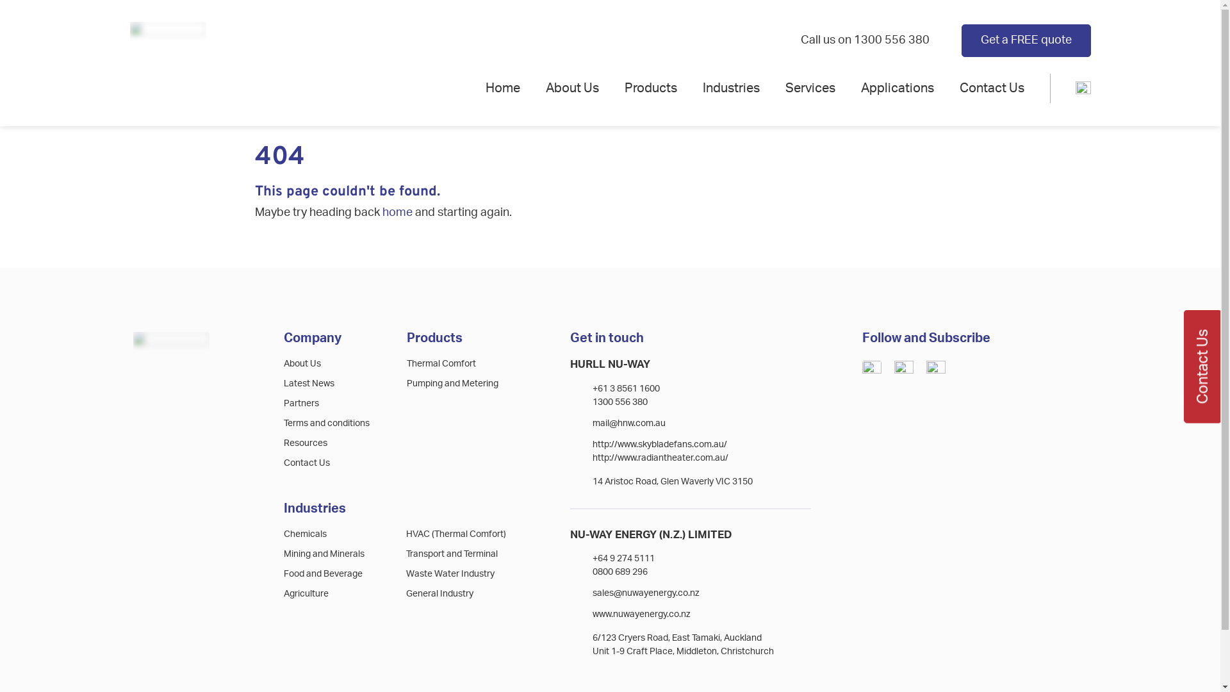 This screenshot has width=1230, height=692. Describe the element at coordinates (620, 402) in the screenshot. I see `'1300 556 380'` at that location.